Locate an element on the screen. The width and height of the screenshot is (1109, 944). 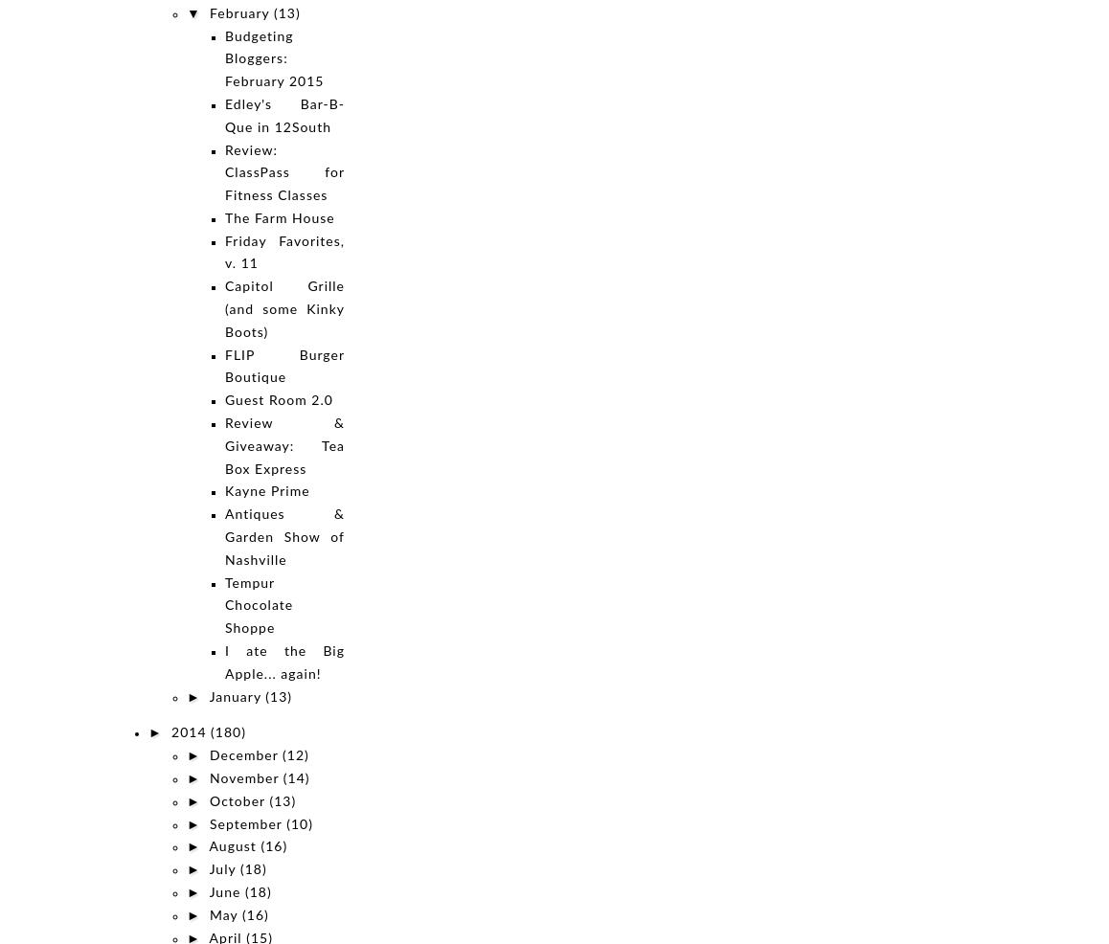
'I ate the Big Apple... again!' is located at coordinates (284, 662).